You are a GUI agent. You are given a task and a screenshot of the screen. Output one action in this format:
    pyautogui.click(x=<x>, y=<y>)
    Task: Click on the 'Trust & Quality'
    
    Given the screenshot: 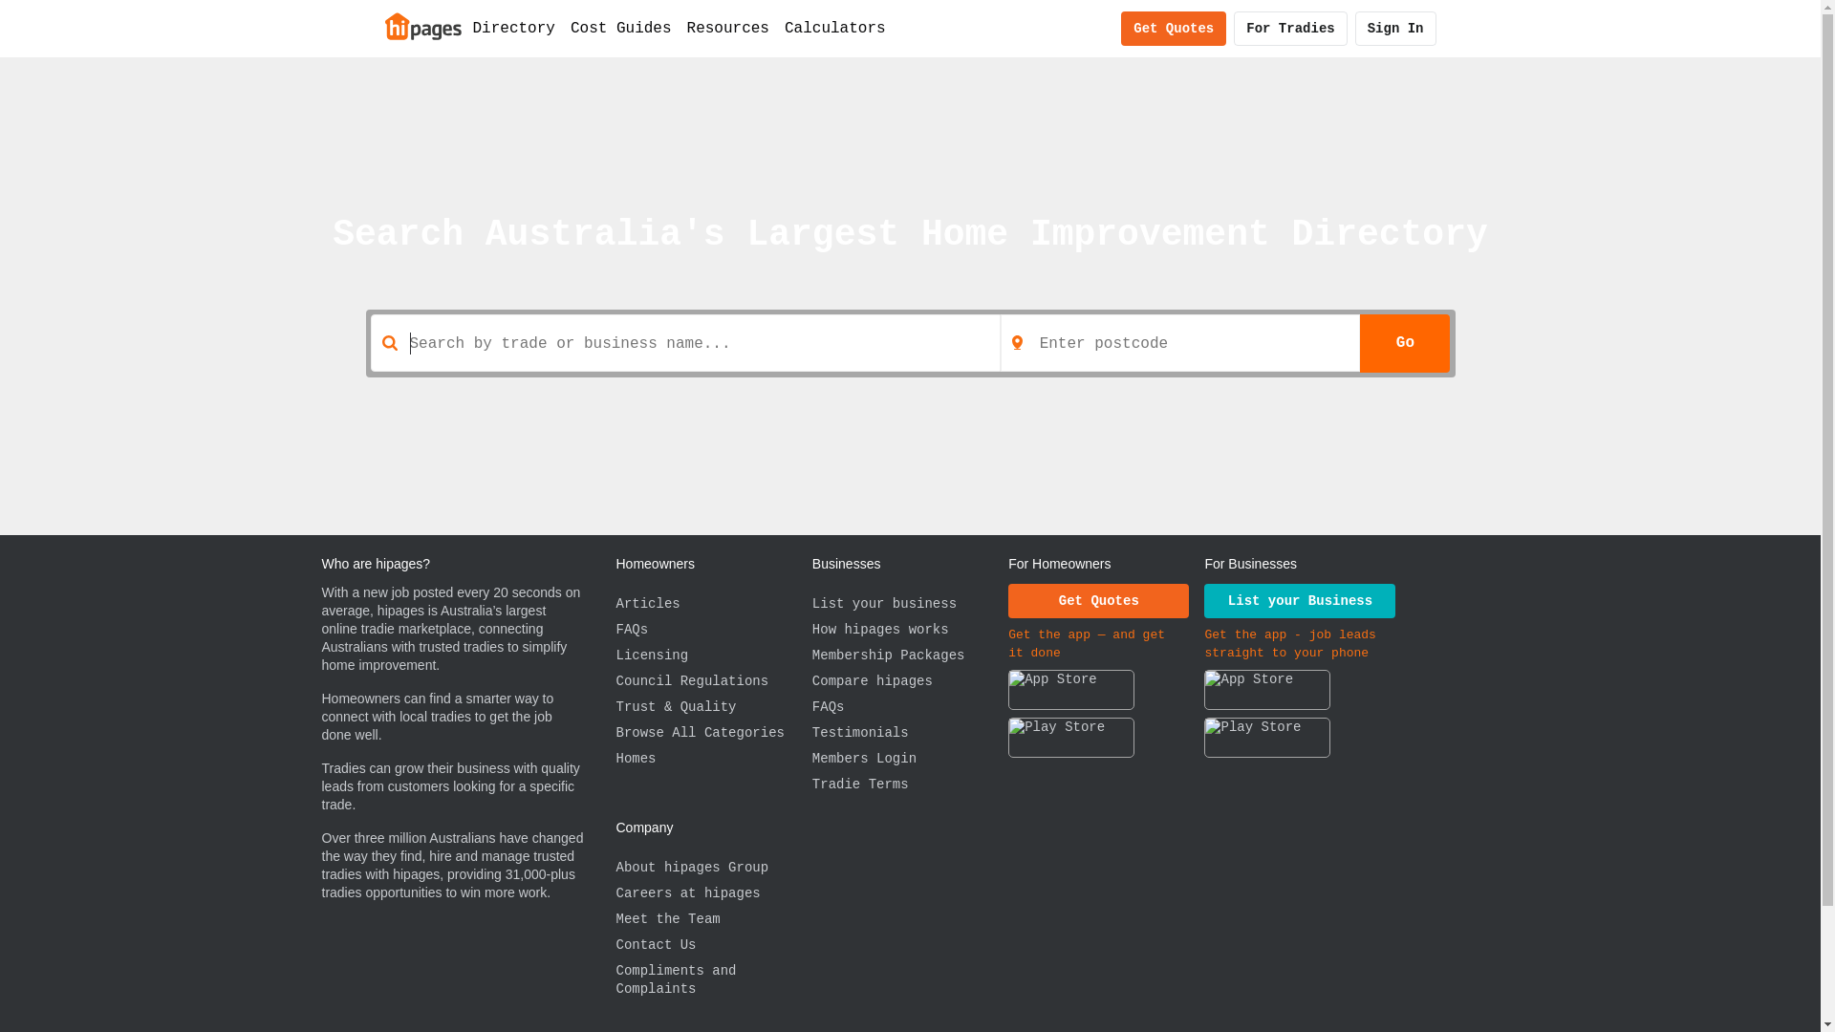 What is the action you would take?
    pyautogui.click(x=615, y=707)
    